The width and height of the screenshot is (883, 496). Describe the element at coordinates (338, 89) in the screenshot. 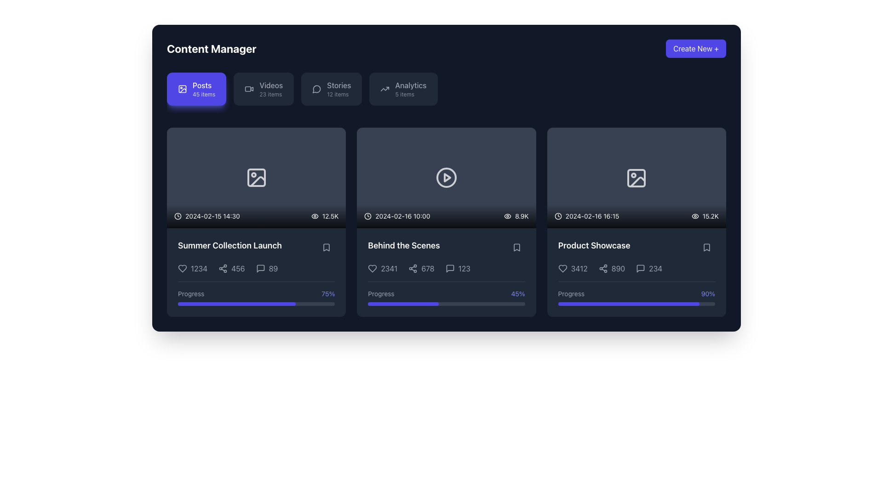

I see `the 'Stories' text-based link in the top navigation bar` at that location.